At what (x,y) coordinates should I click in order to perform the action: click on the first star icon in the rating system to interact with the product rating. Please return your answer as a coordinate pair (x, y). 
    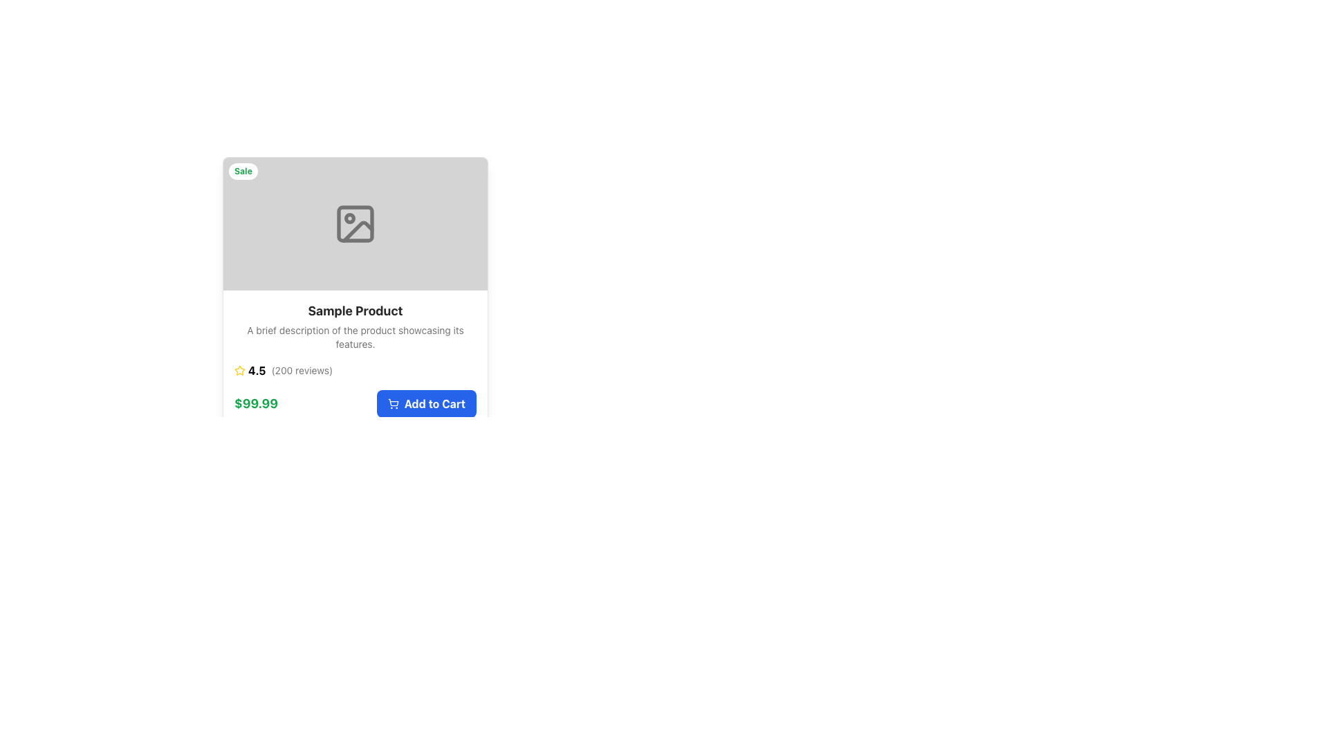
    Looking at the image, I should click on (239, 369).